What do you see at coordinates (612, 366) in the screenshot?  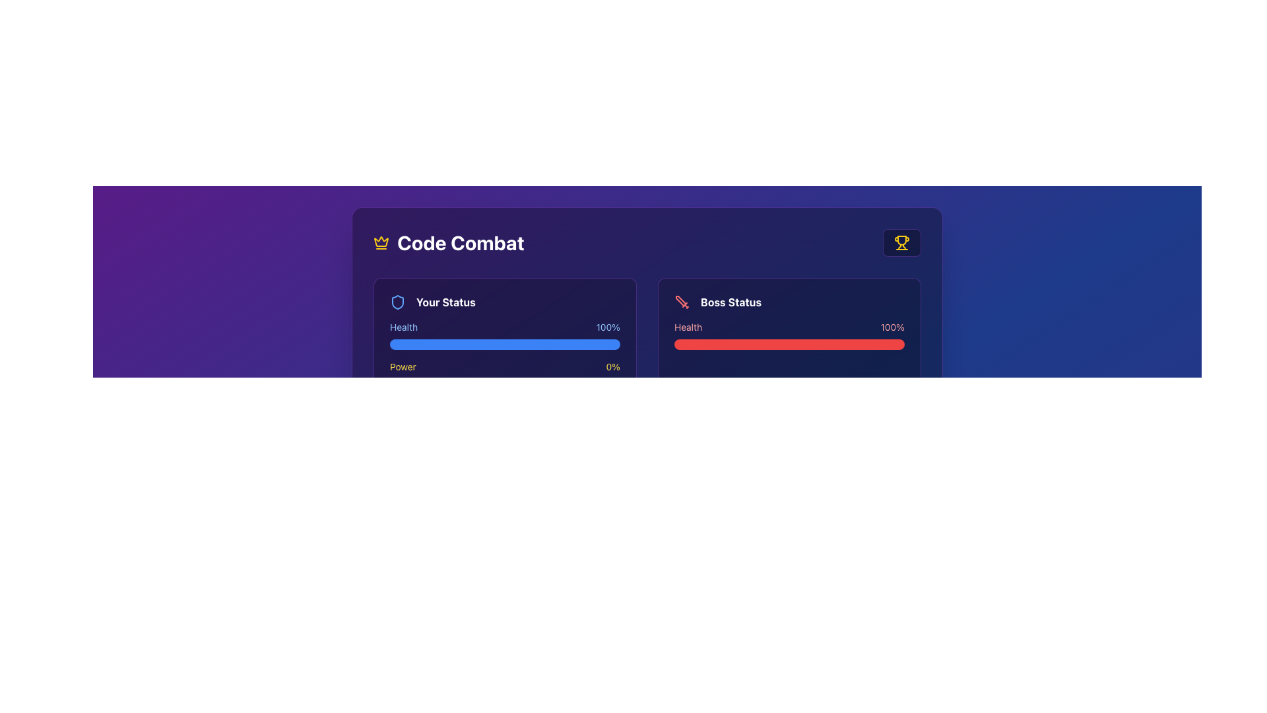 I see `the static text label displaying '0%' in yellow, located in the 'Your Status' subsection, at the bottom-right corner of the 'Power' section` at bounding box center [612, 366].